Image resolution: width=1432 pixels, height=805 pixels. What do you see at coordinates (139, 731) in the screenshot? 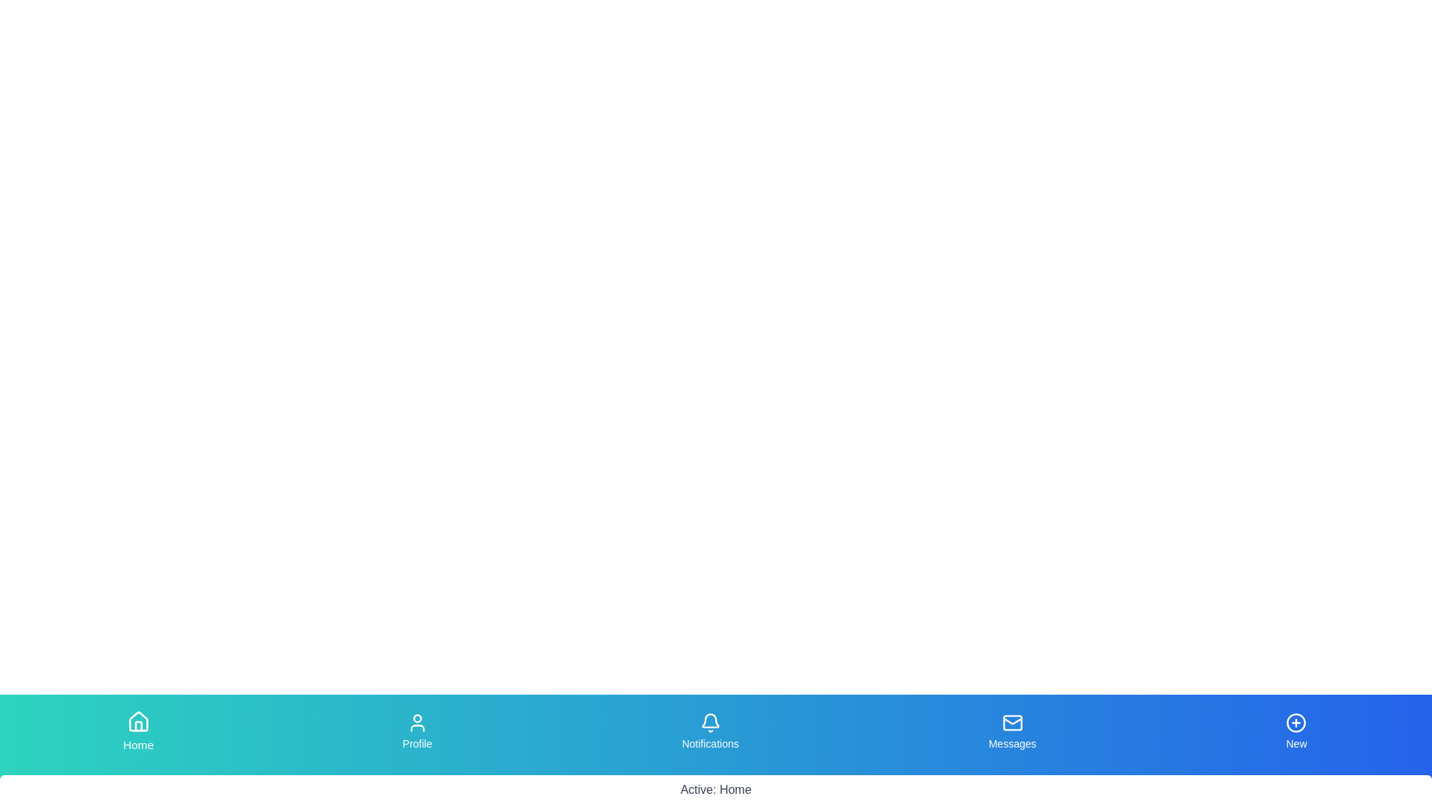
I see `the tab labeled Home` at bounding box center [139, 731].